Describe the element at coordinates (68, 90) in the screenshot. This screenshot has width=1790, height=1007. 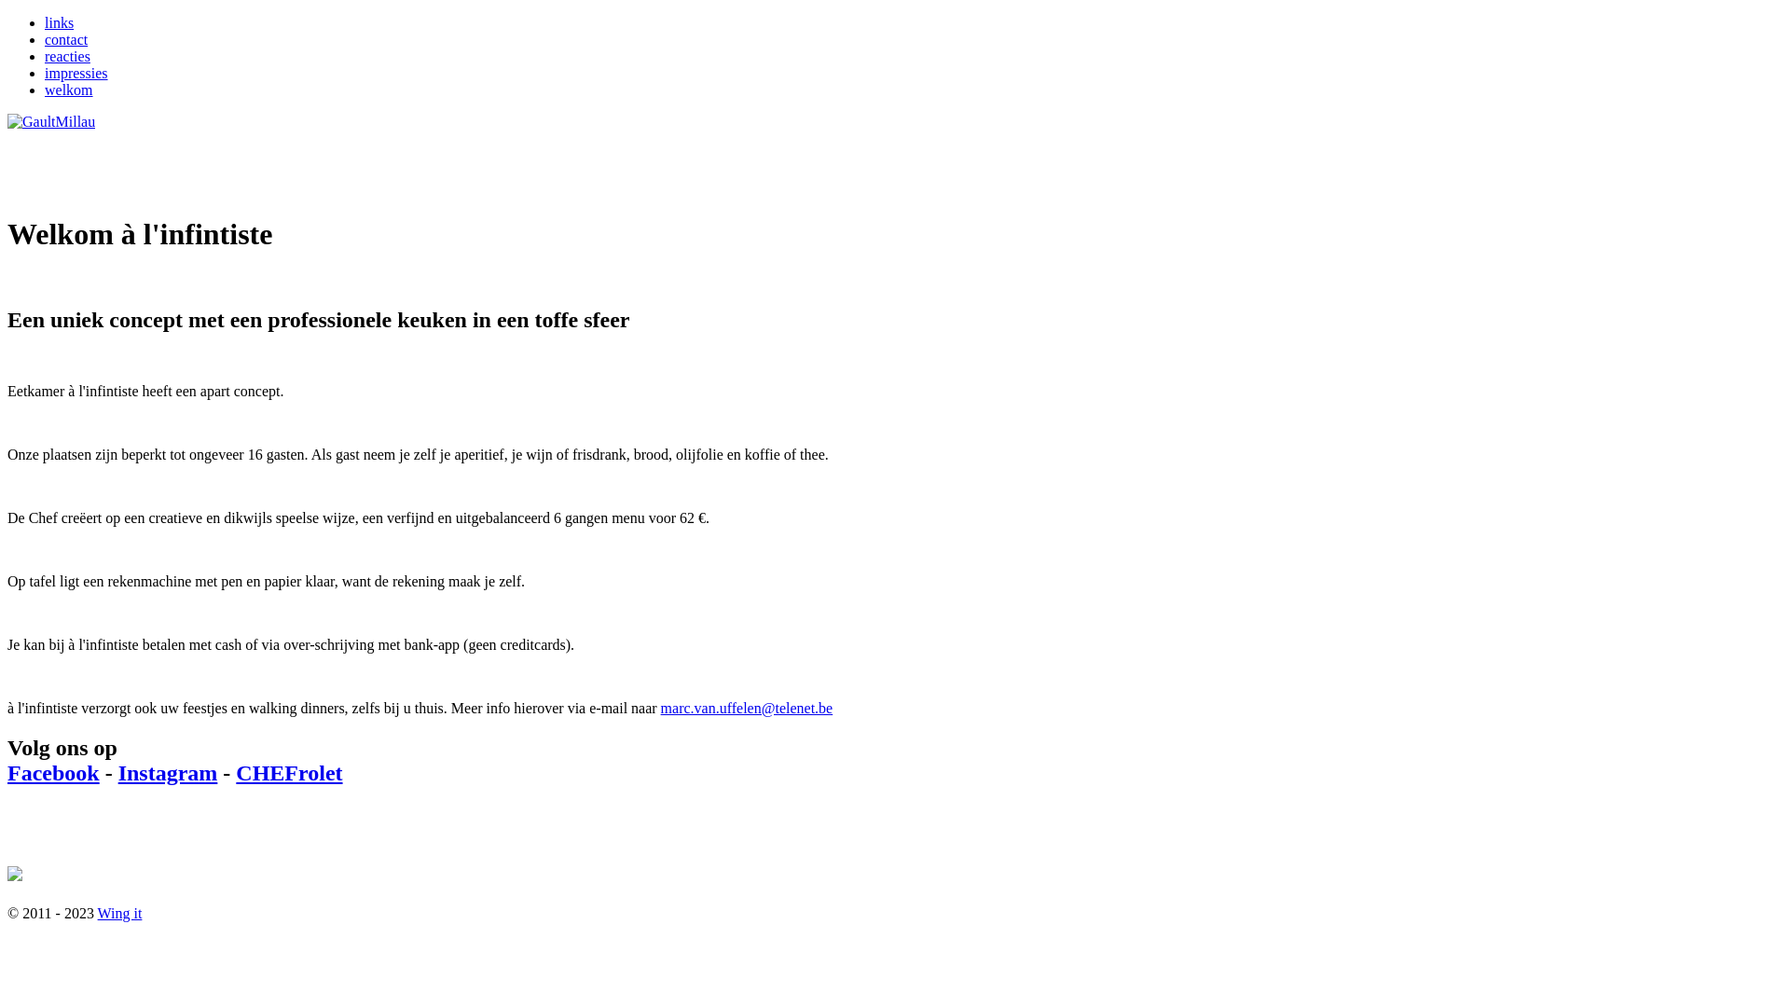
I see `'welkom'` at that location.